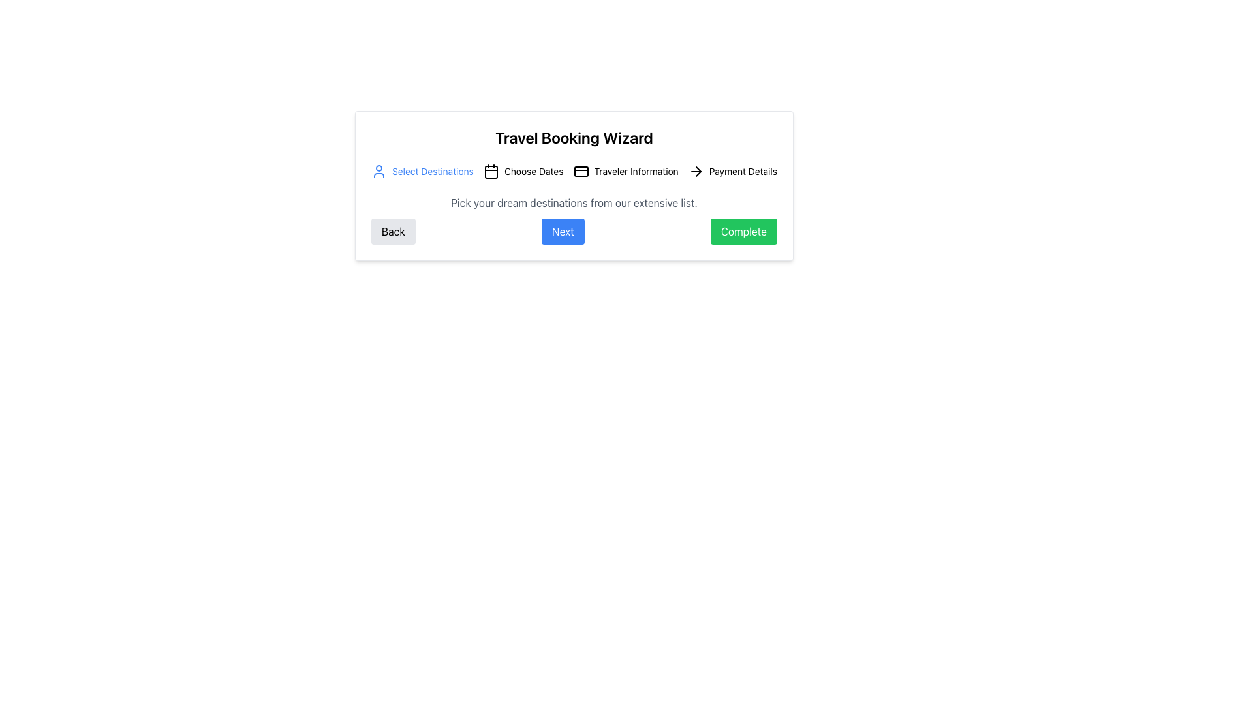  I want to click on the appearance of the icon that serves as a visual indicator for the 'Select Destinations' link, positioned to the left of the link text, so click(378, 170).